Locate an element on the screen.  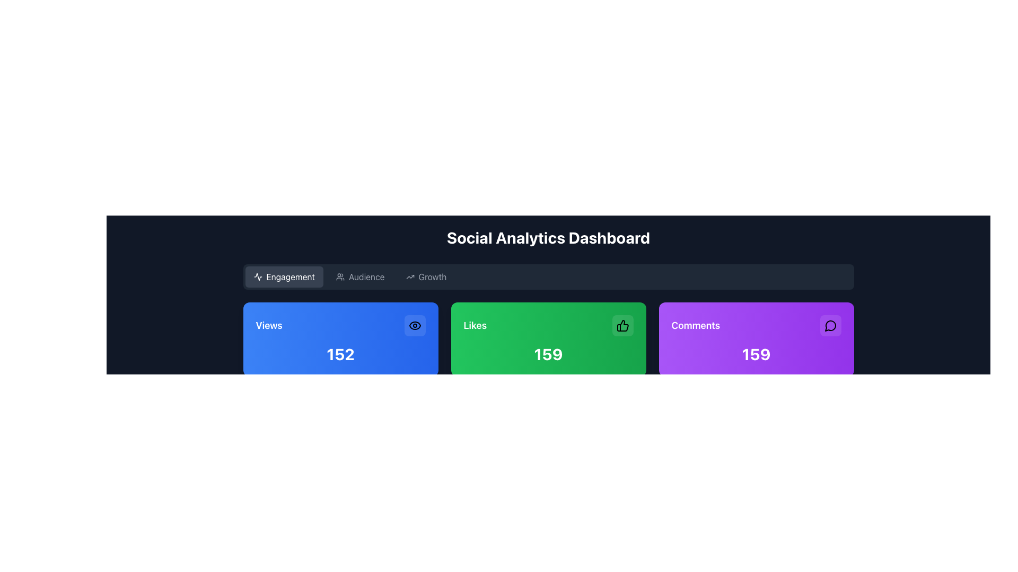
the 'Engagement' button, which is the first button in a row of three buttons for navigation or filtering is located at coordinates (284, 276).